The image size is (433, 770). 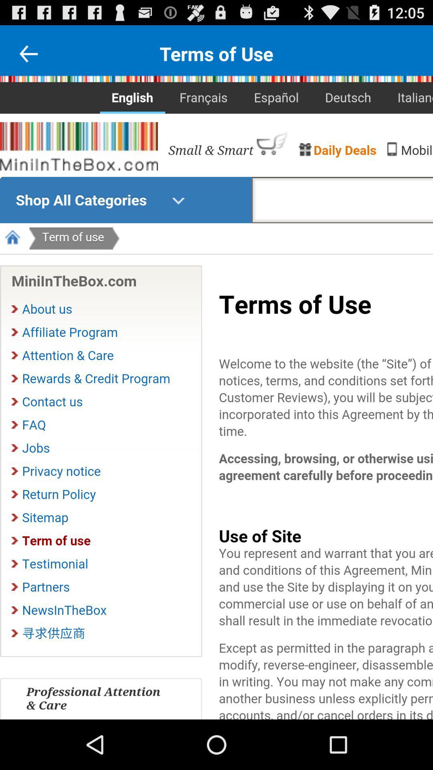 What do you see at coordinates (28, 53) in the screenshot?
I see `advertisement` at bounding box center [28, 53].